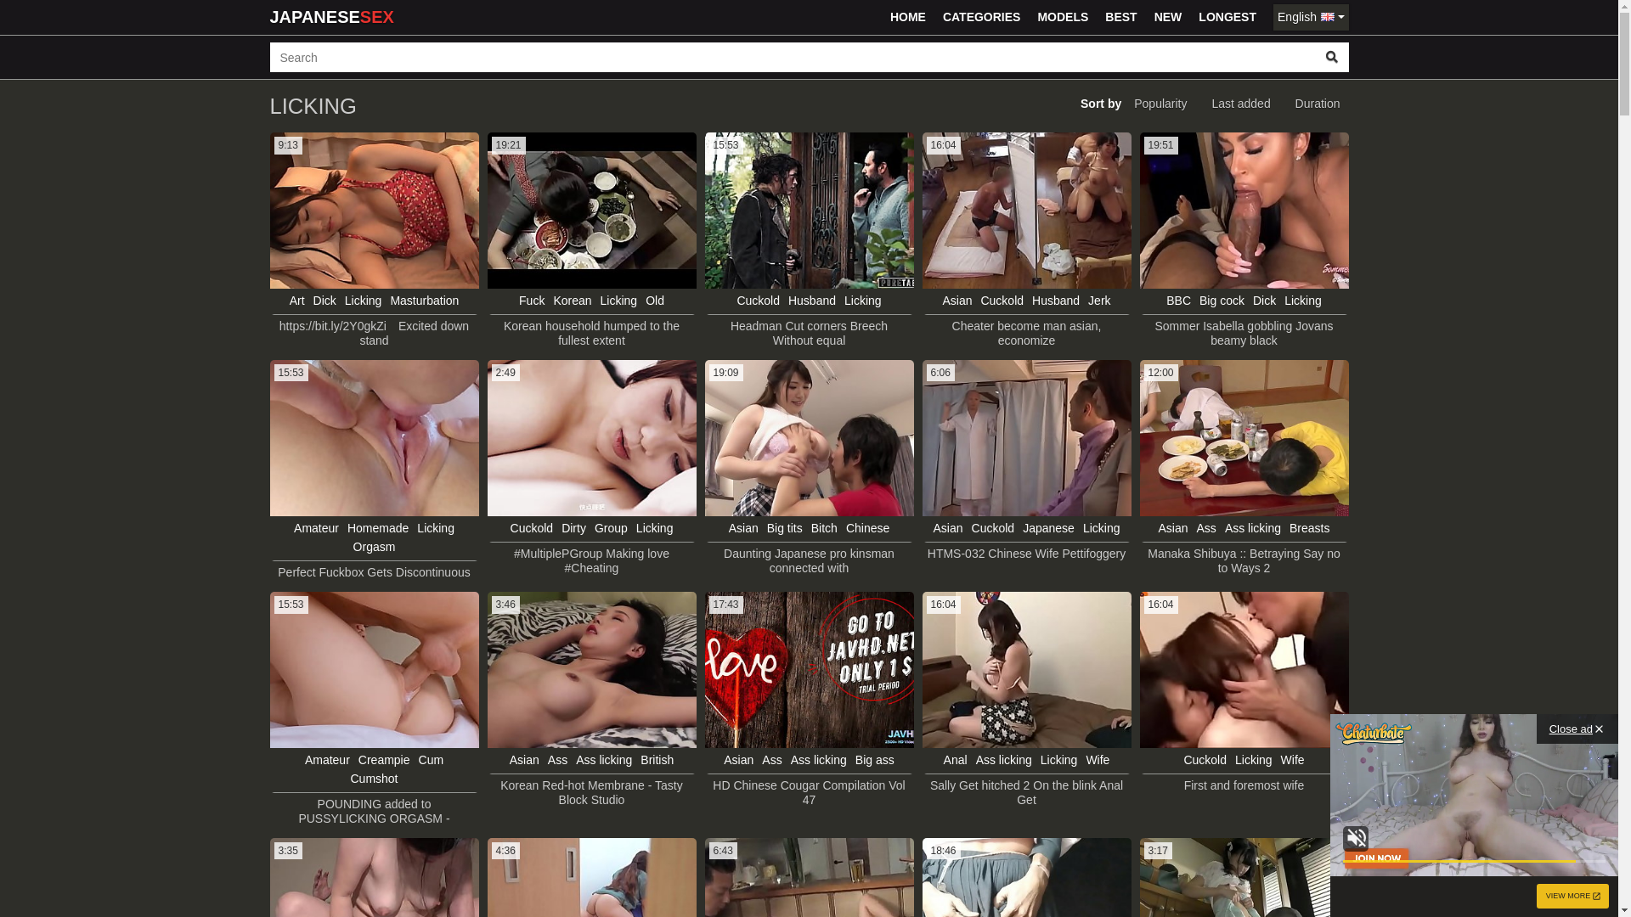 The height and width of the screenshot is (917, 1631). What do you see at coordinates (654, 300) in the screenshot?
I see `'Old'` at bounding box center [654, 300].